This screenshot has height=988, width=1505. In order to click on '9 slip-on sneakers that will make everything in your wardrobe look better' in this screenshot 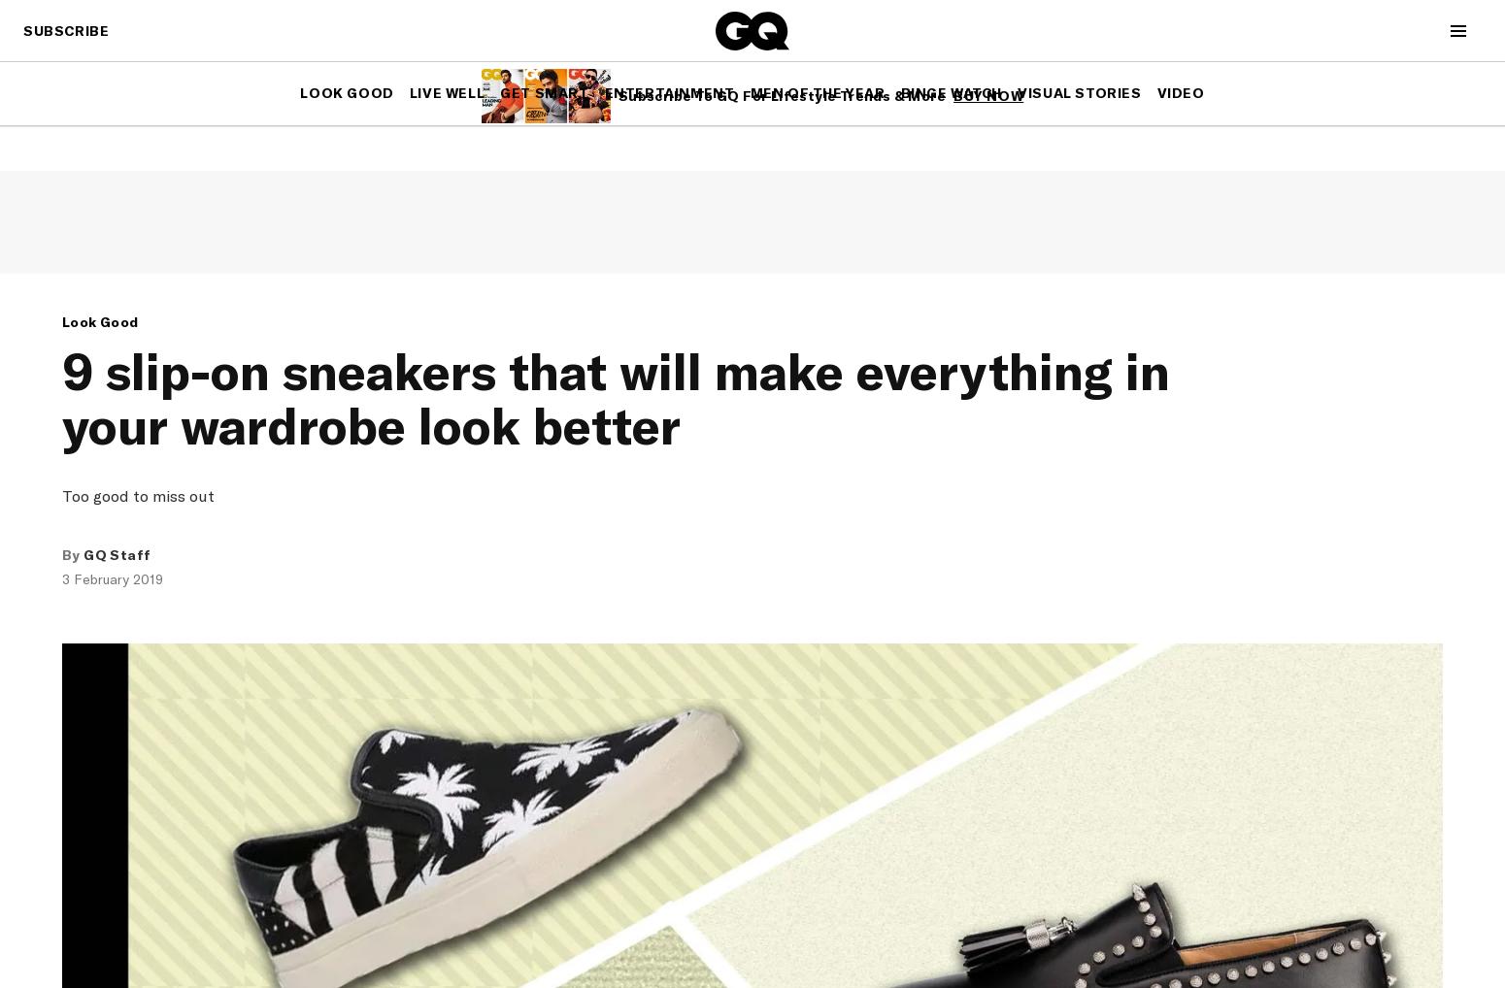, I will do `click(615, 397)`.